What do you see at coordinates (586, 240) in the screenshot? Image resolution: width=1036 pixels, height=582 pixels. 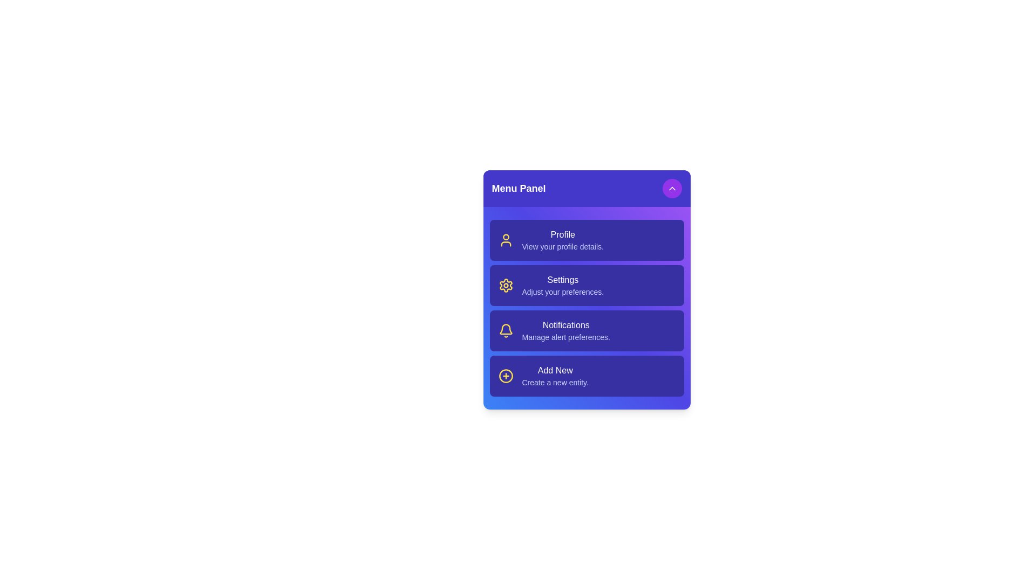 I see `the menu item Profile to trigger its hover effect` at bounding box center [586, 240].